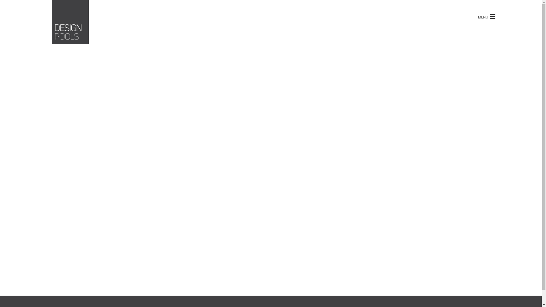 This screenshot has height=307, width=546. What do you see at coordinates (486, 16) in the screenshot?
I see `'MENU'` at bounding box center [486, 16].